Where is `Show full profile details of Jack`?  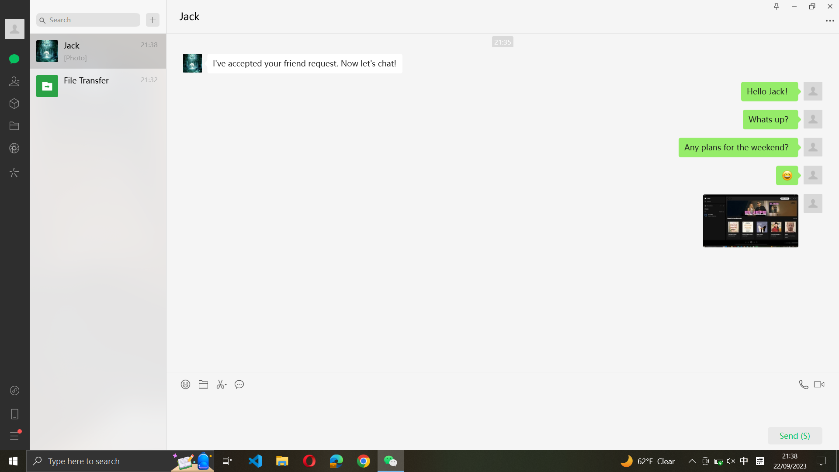
Show full profile details of Jack is located at coordinates (14, 30).